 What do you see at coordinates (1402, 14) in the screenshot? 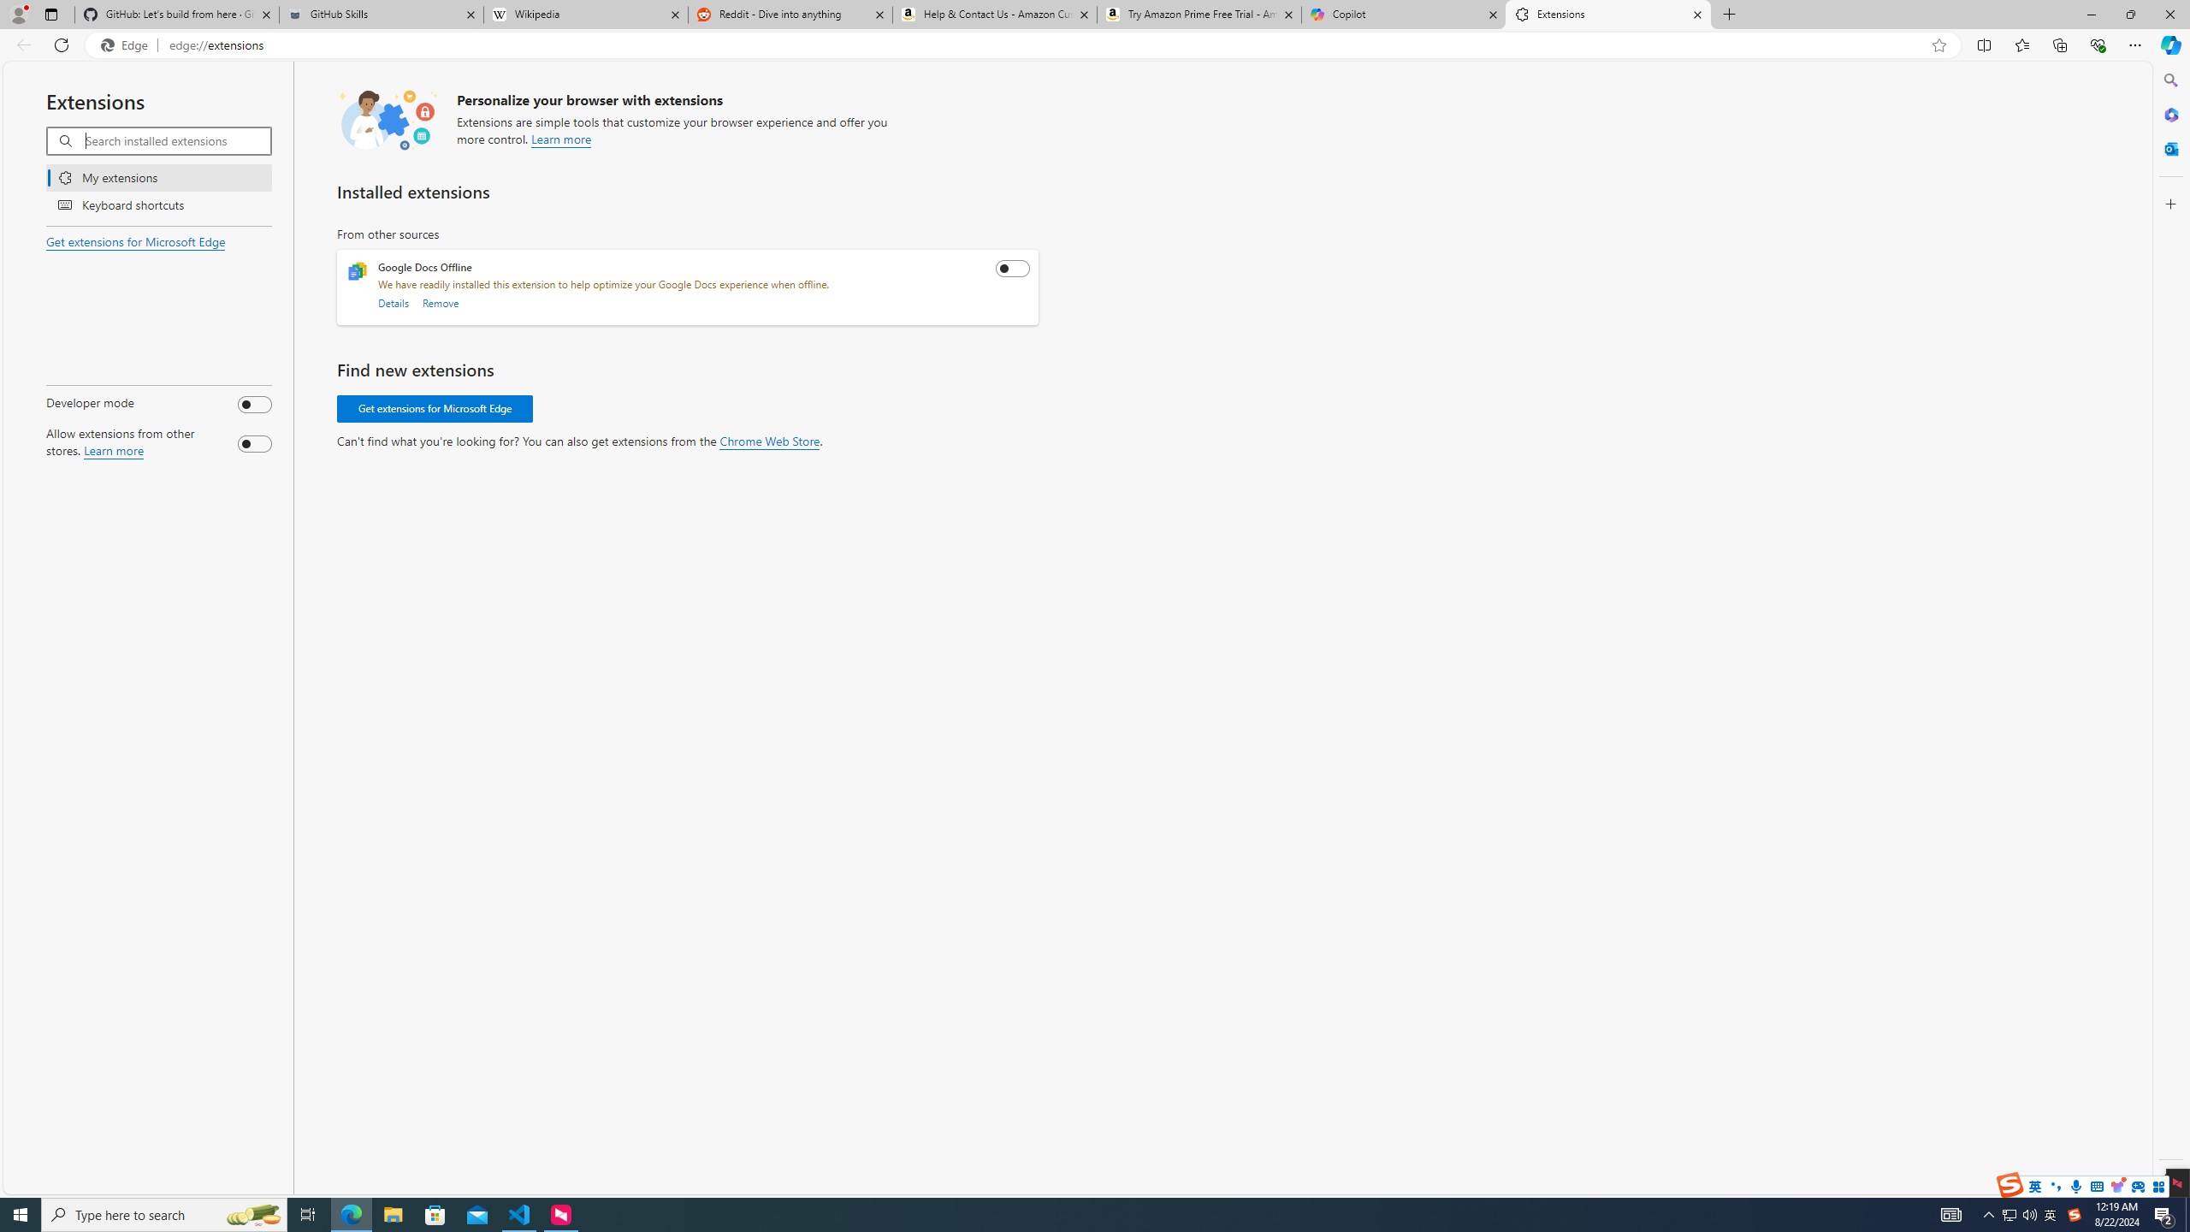
I see `'Copilot'` at bounding box center [1402, 14].